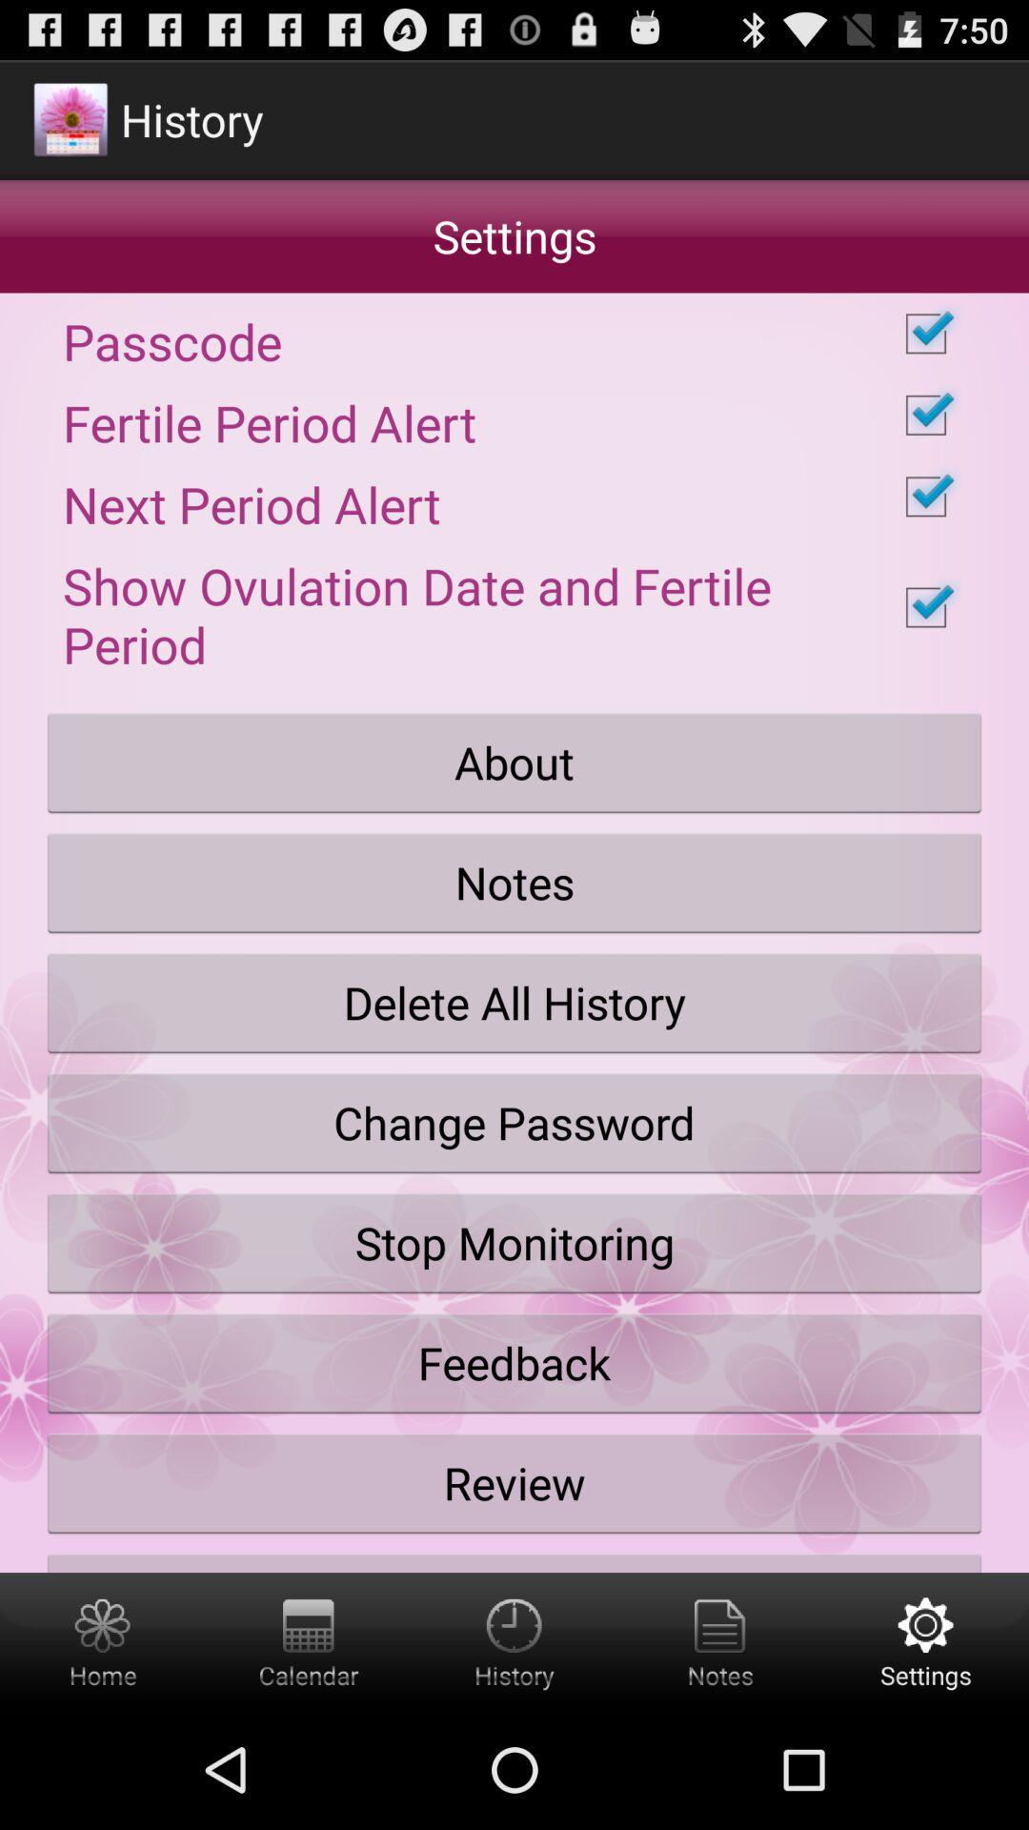  I want to click on notes, so click(720, 1640).